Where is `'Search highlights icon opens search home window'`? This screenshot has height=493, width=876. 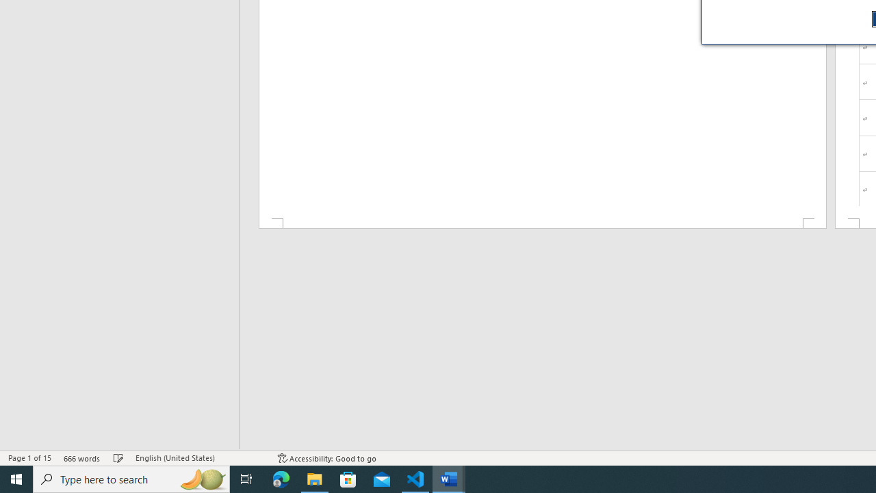
'Search highlights icon opens search home window' is located at coordinates (201, 478).